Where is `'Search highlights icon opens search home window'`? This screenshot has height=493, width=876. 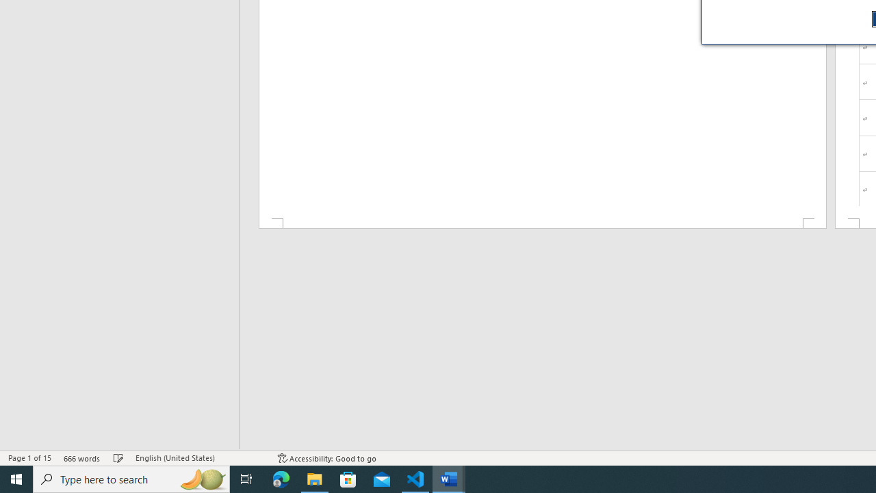
'Search highlights icon opens search home window' is located at coordinates (201, 478).